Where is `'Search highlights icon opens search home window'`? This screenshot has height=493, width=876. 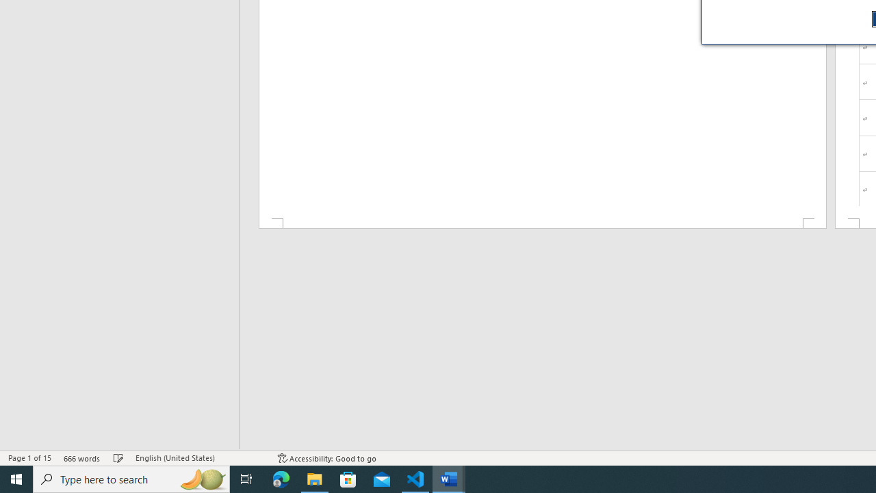
'Search highlights icon opens search home window' is located at coordinates (201, 478).